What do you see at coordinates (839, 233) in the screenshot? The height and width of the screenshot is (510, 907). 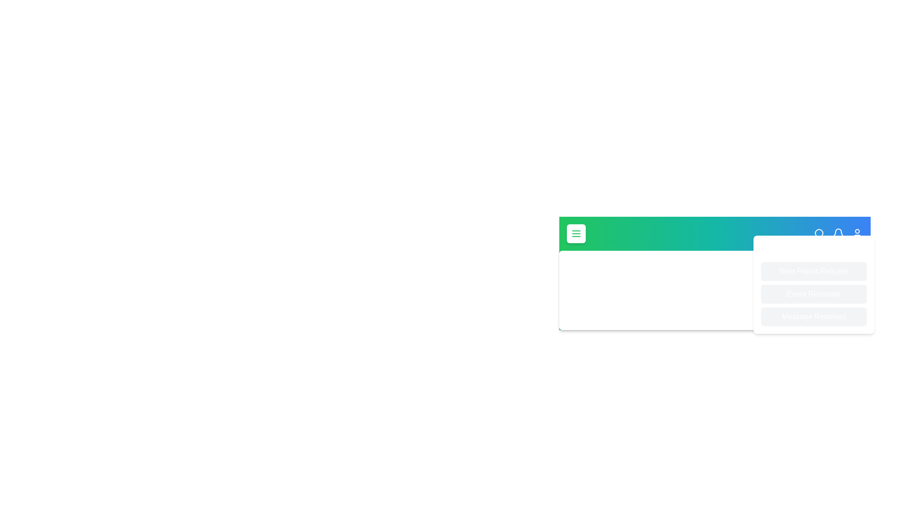 I see `the bell icon to toggle the notifications panel` at bounding box center [839, 233].